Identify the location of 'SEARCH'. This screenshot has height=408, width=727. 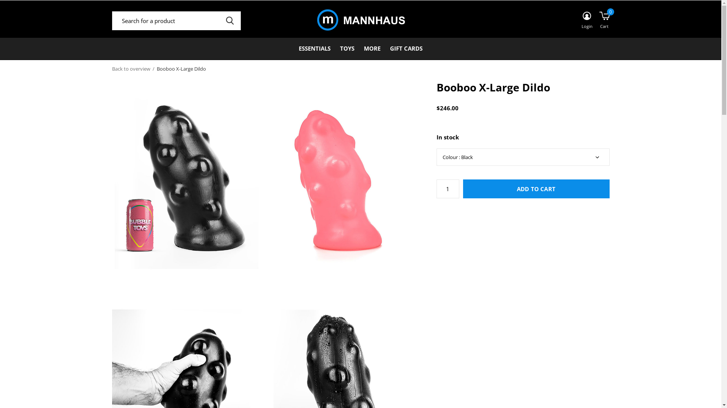
(230, 20).